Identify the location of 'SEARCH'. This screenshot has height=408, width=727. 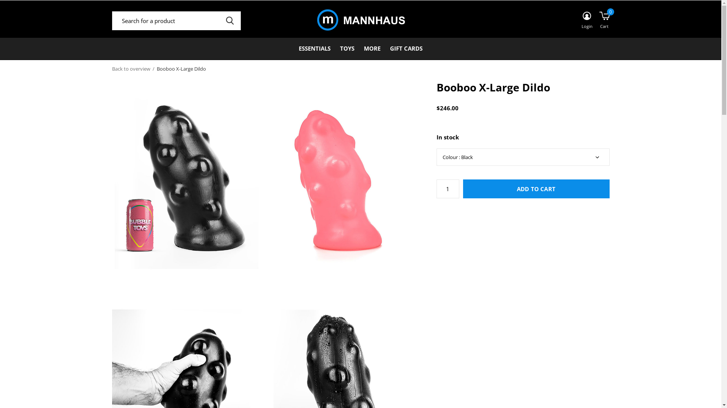
(230, 20).